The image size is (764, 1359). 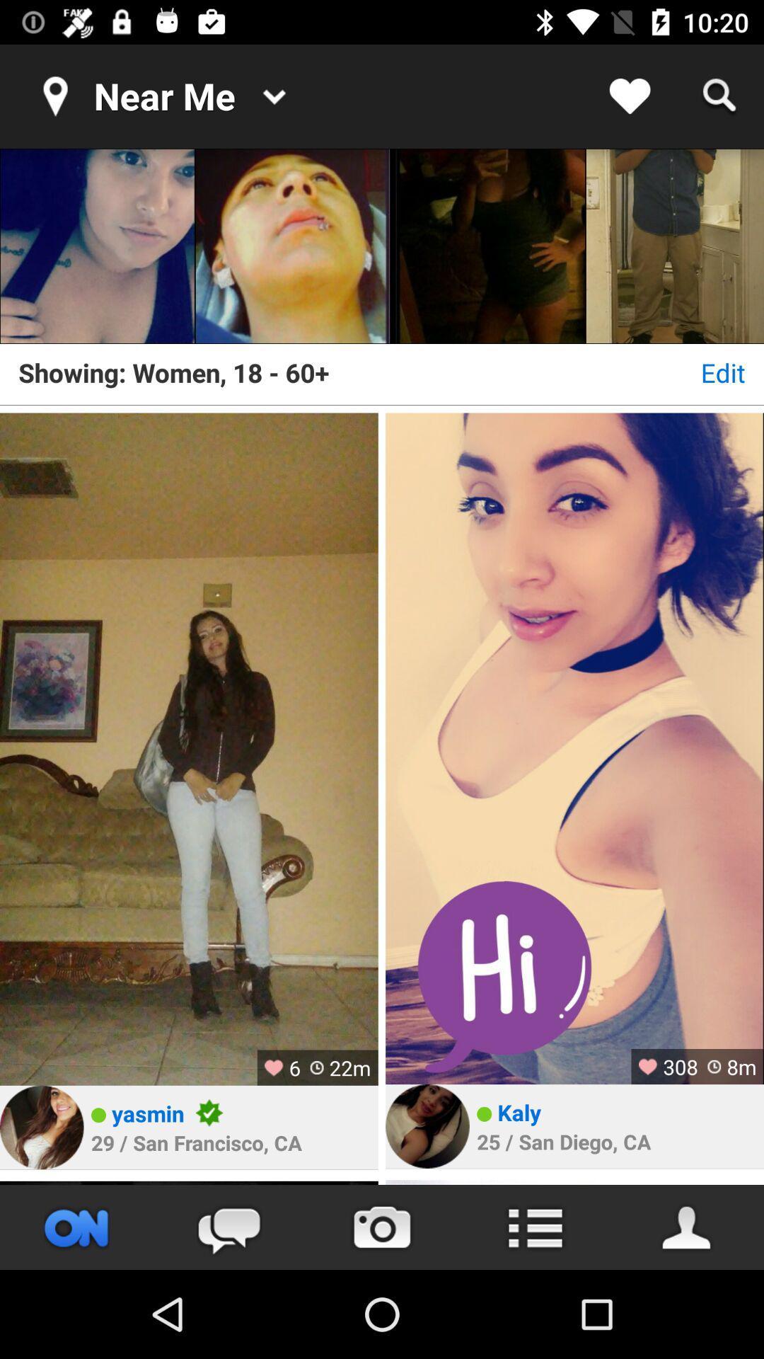 What do you see at coordinates (291, 246) in the screenshot?
I see `item below the near me` at bounding box center [291, 246].